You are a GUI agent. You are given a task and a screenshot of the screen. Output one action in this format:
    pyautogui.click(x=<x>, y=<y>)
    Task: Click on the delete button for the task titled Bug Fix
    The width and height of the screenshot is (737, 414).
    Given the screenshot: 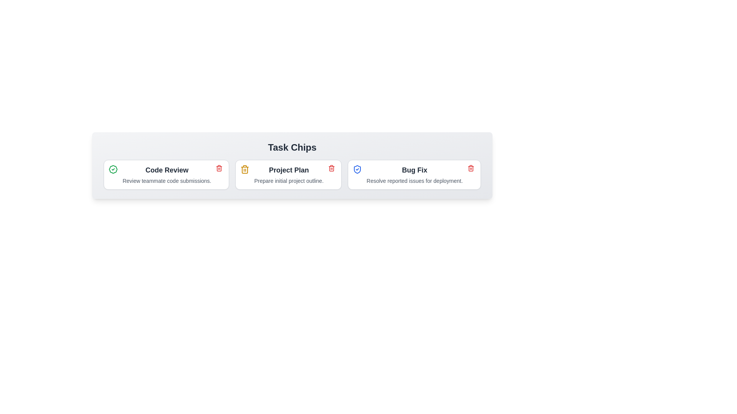 What is the action you would take?
    pyautogui.click(x=470, y=168)
    